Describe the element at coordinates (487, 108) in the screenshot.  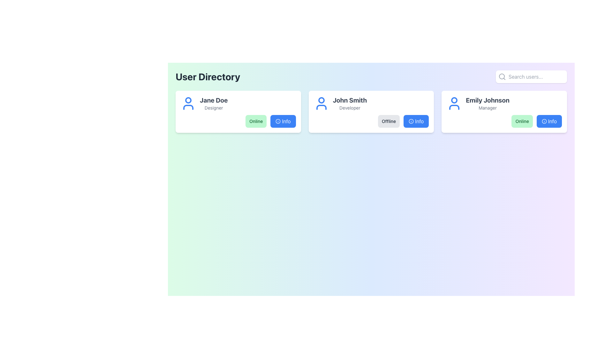
I see `the text label displaying 'Manager', which is located below the bold title 'Emily Johnson' in the far-right column of the interface` at that location.